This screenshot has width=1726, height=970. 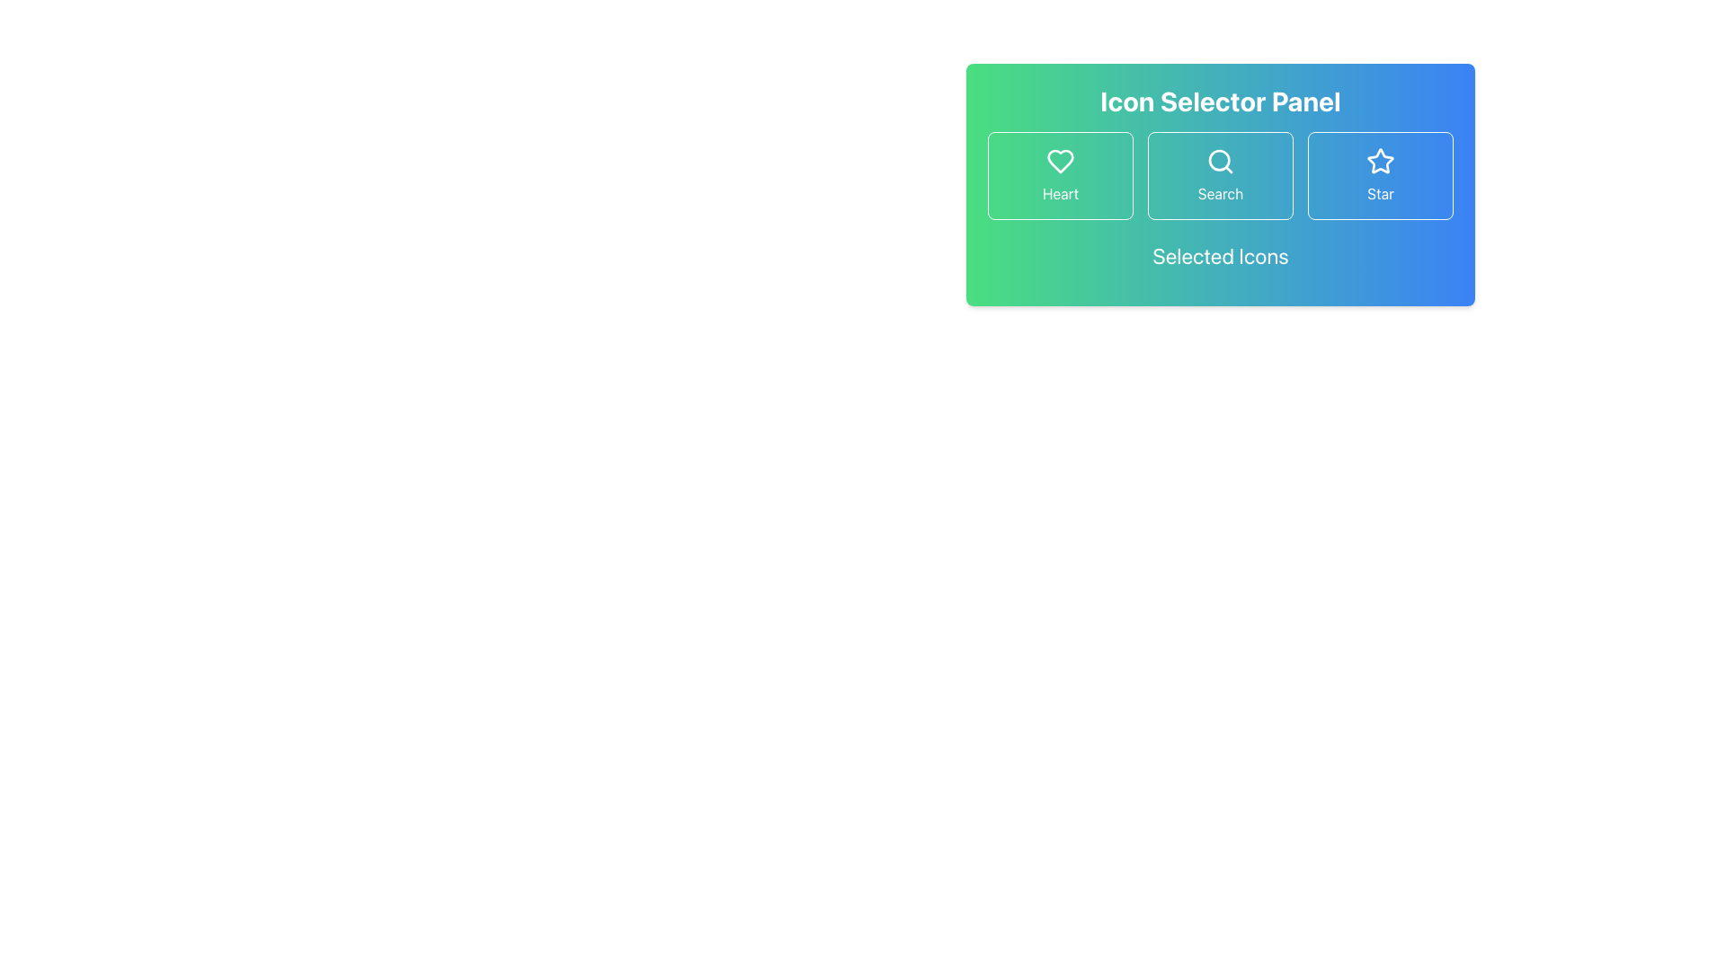 What do you see at coordinates (1061, 194) in the screenshot?
I see `the text label at the bottom of the first button in the Icon Selector Panel` at bounding box center [1061, 194].